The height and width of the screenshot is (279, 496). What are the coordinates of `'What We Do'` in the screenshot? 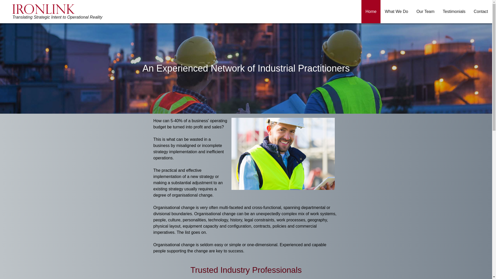 It's located at (396, 12).